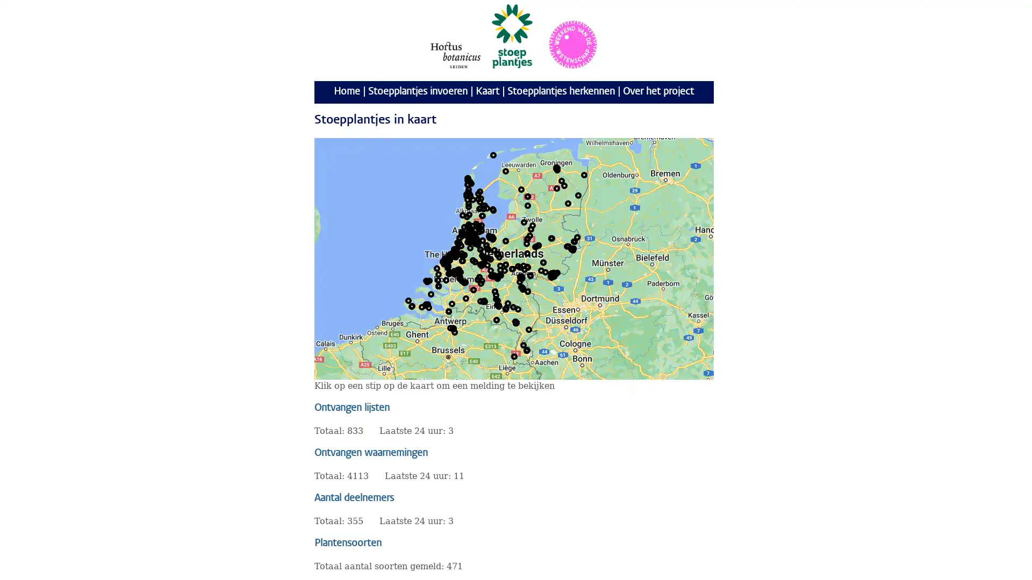  Describe the element at coordinates (574, 240) in the screenshot. I see `Telling van op 04 oktober 2021` at that location.